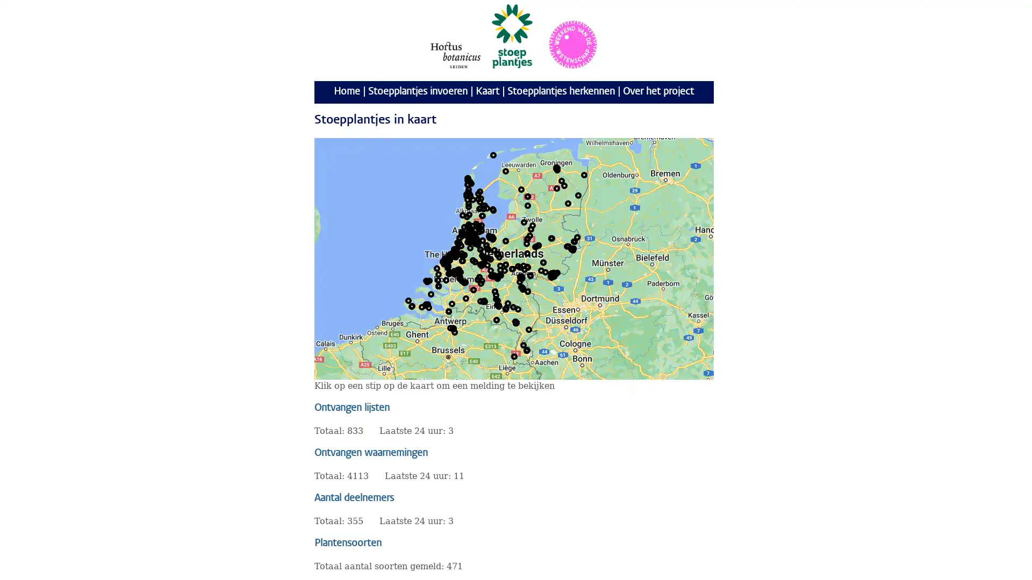  Describe the element at coordinates (574, 240) in the screenshot. I see `Telling van op 04 oktober 2021` at that location.